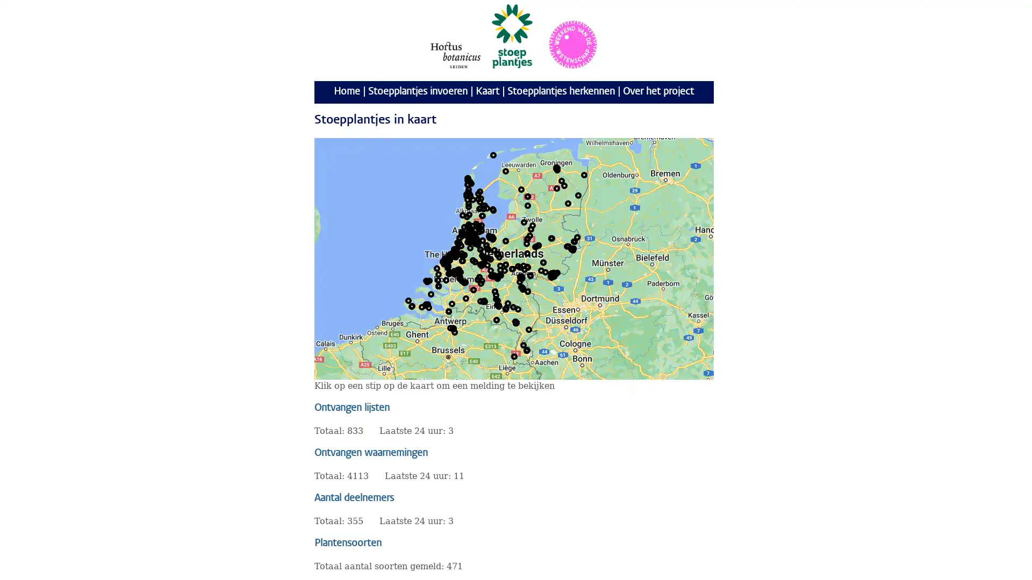  Describe the element at coordinates (574, 240) in the screenshot. I see `Telling van op 04 oktober 2021` at that location.